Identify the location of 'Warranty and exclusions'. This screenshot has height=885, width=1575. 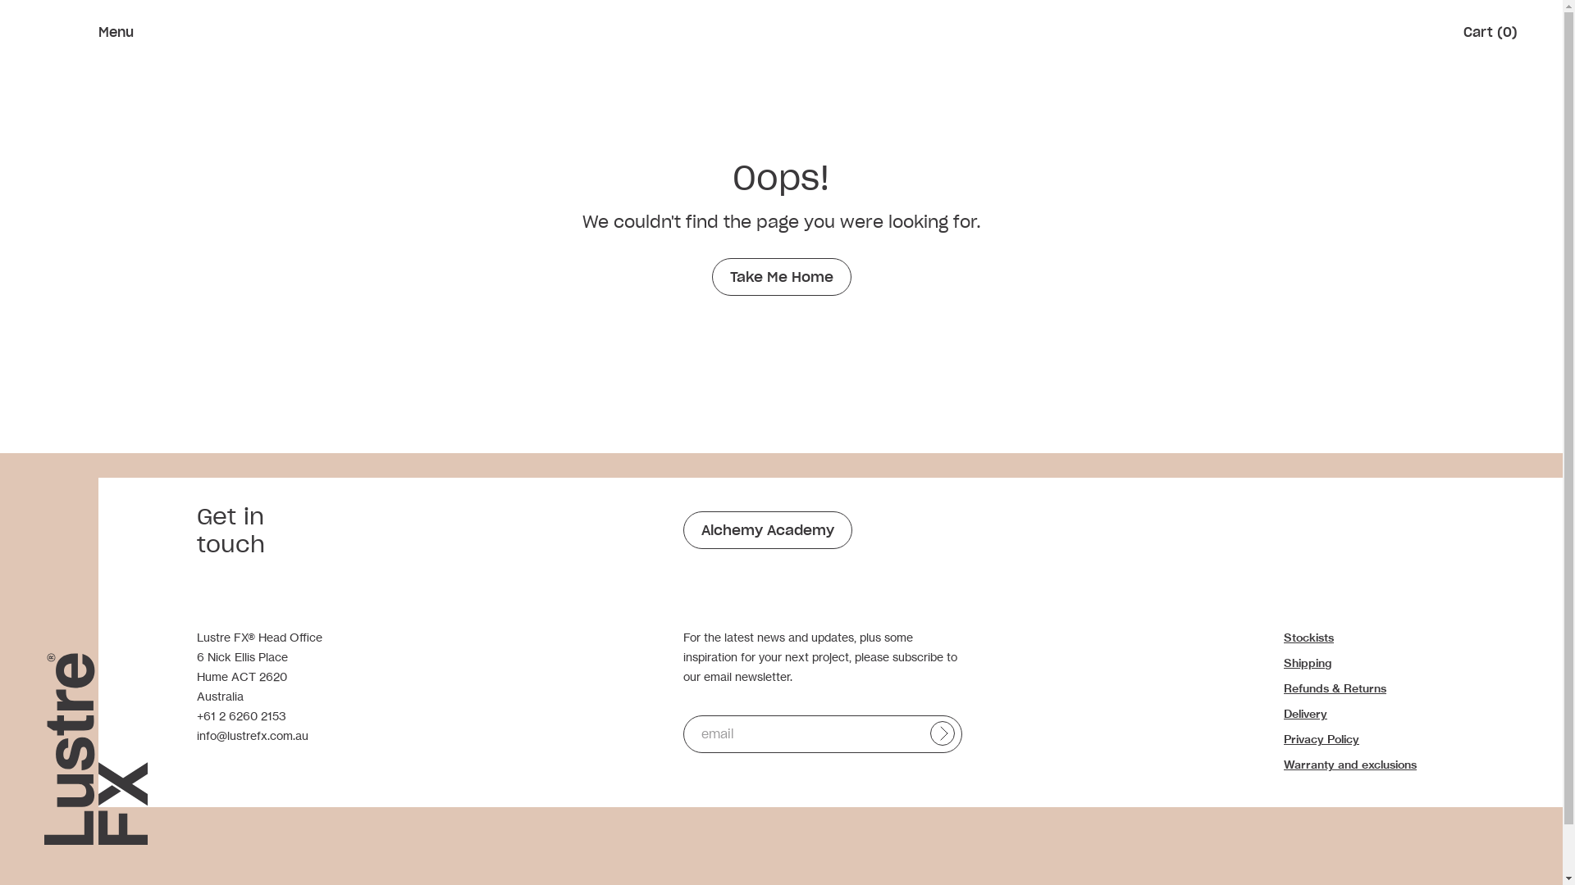
(1350, 765).